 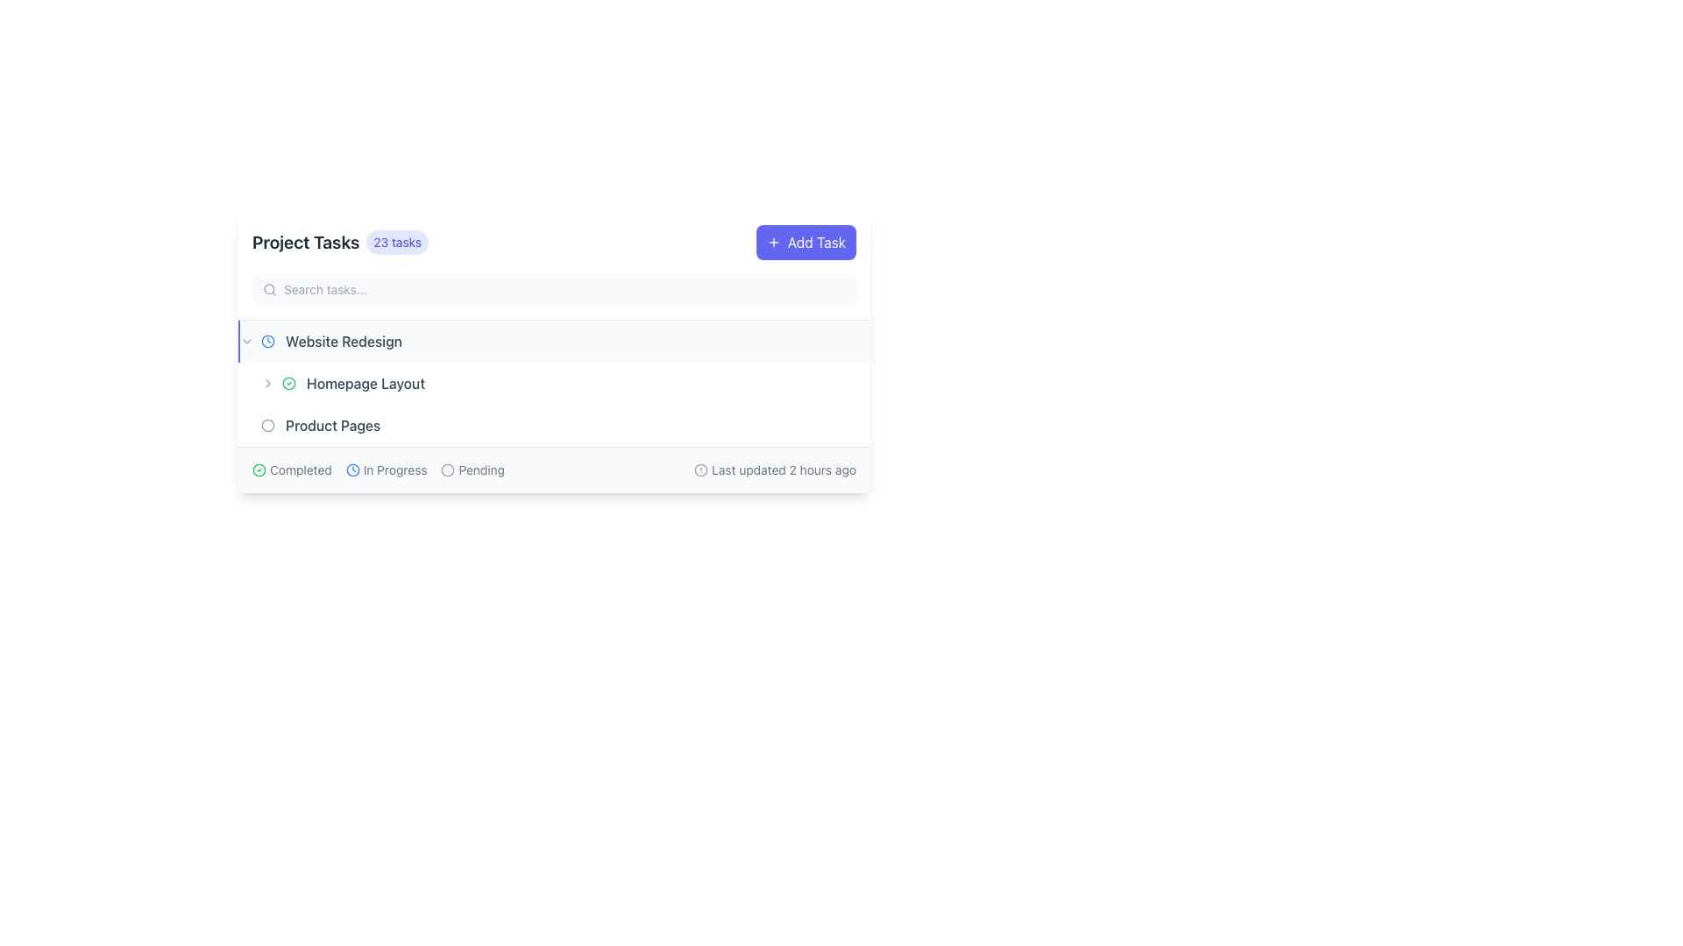 I want to click on the alignment of the decorative icon located at the far-left side of the 'Homepage Layout' list item, which suggests expandable behavior, so click(x=267, y=383).